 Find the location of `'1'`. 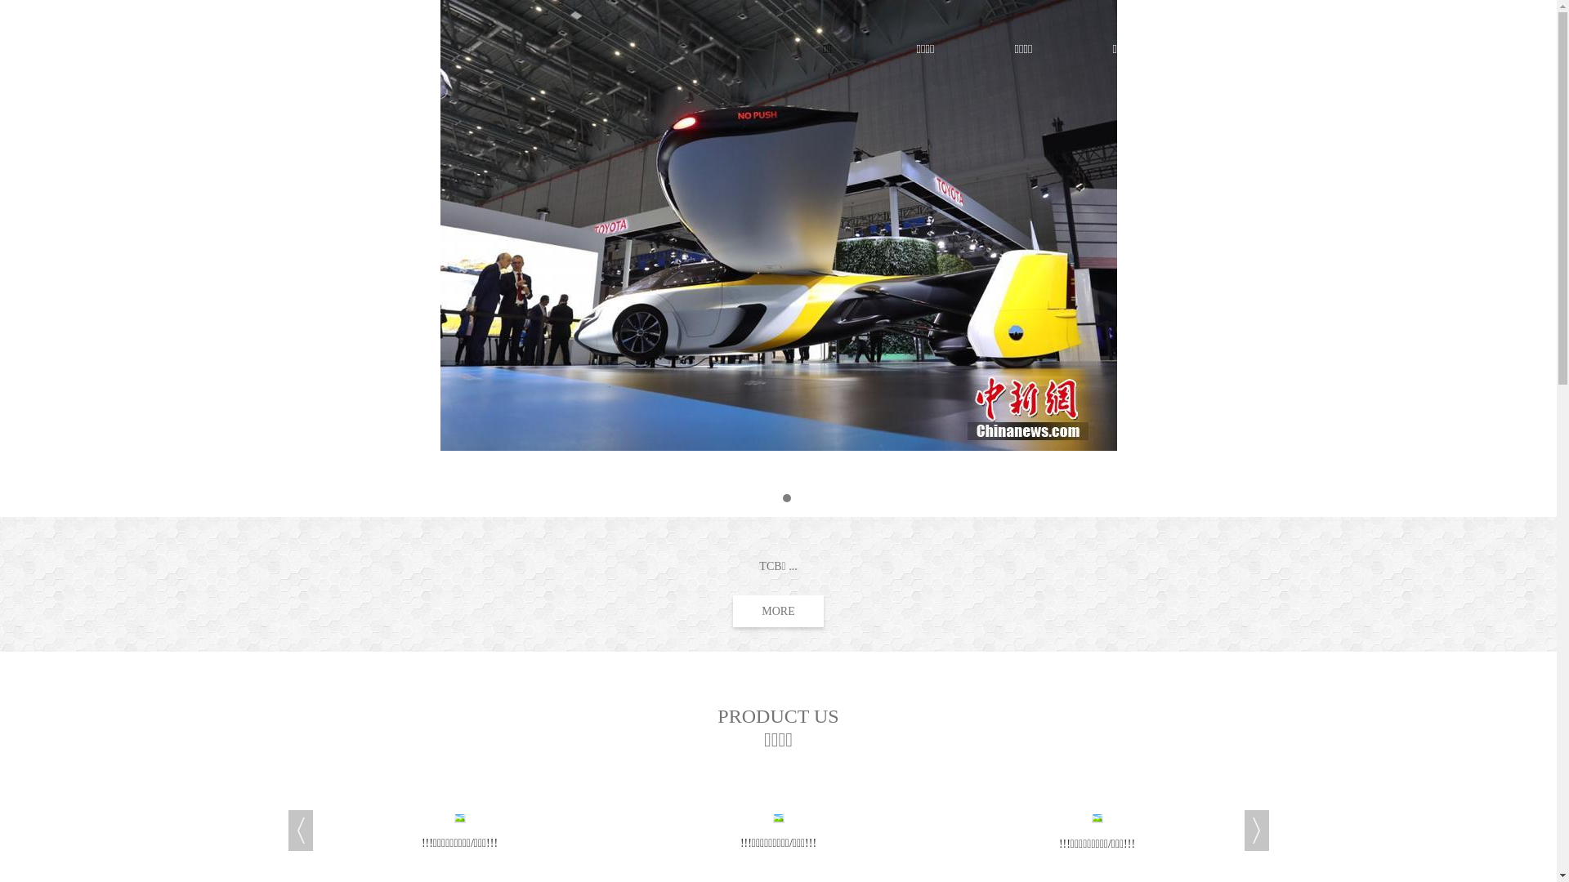

'1' is located at coordinates (765, 497).